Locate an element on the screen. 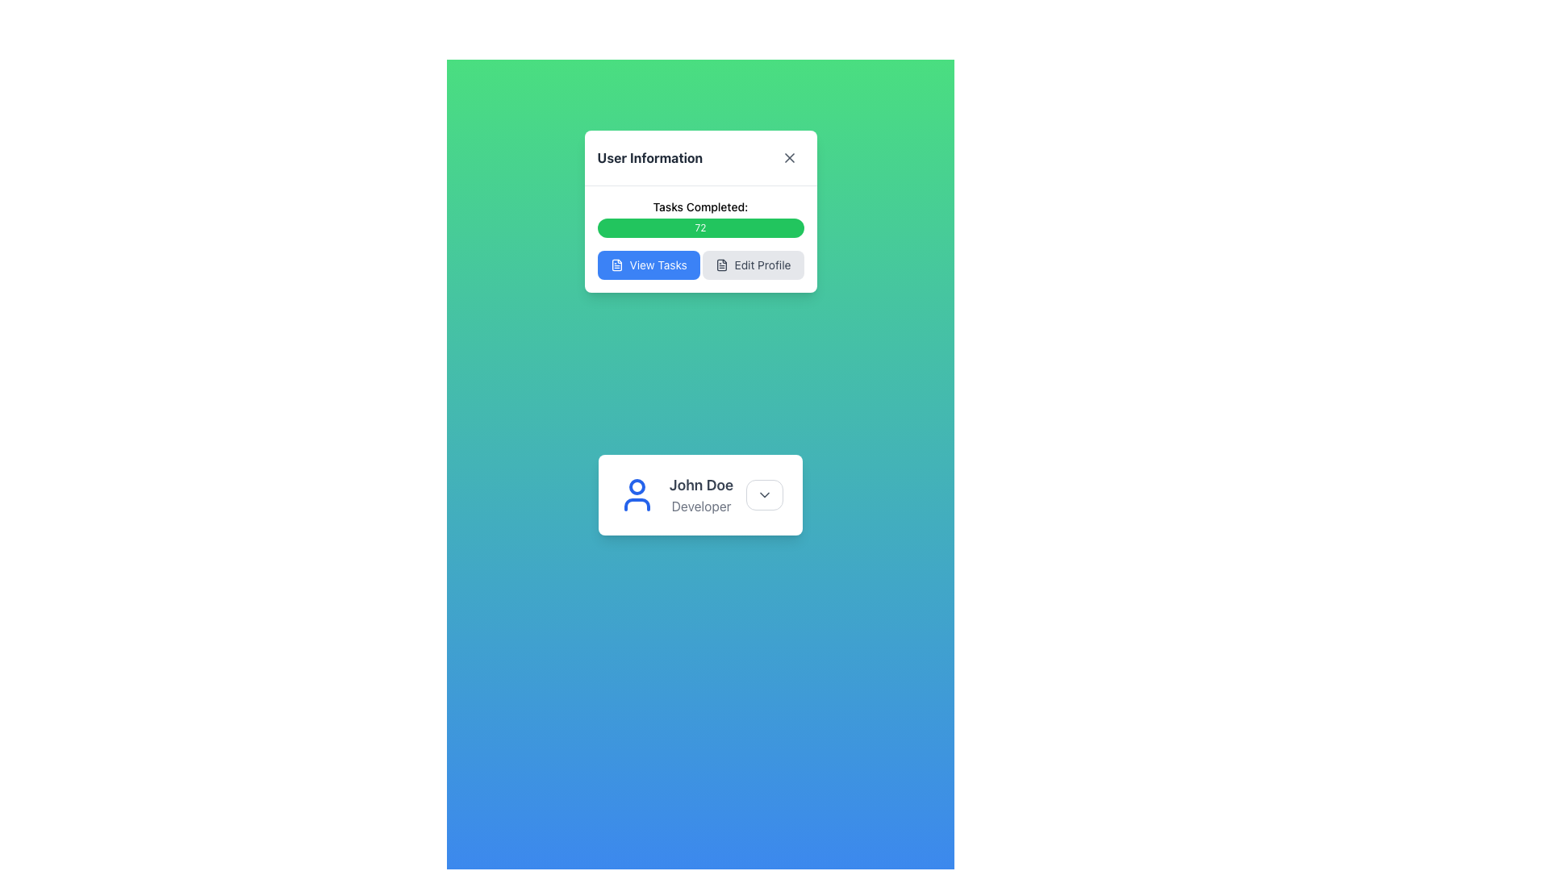 This screenshot has width=1549, height=871. the rectangular button with a white background and gray border, featuring a vertical downward-pointing chevron icon is located at coordinates (764, 494).